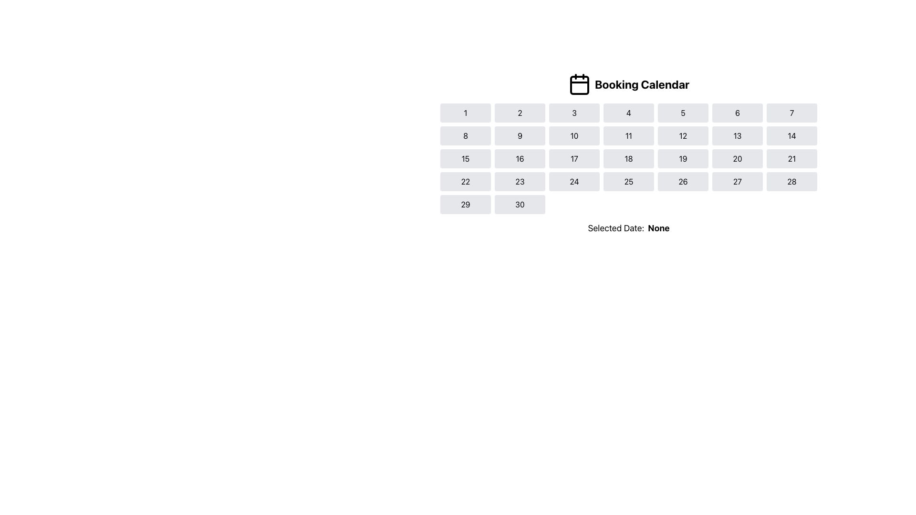  I want to click on the button representing the date '20' in the booking calendar, so click(737, 158).